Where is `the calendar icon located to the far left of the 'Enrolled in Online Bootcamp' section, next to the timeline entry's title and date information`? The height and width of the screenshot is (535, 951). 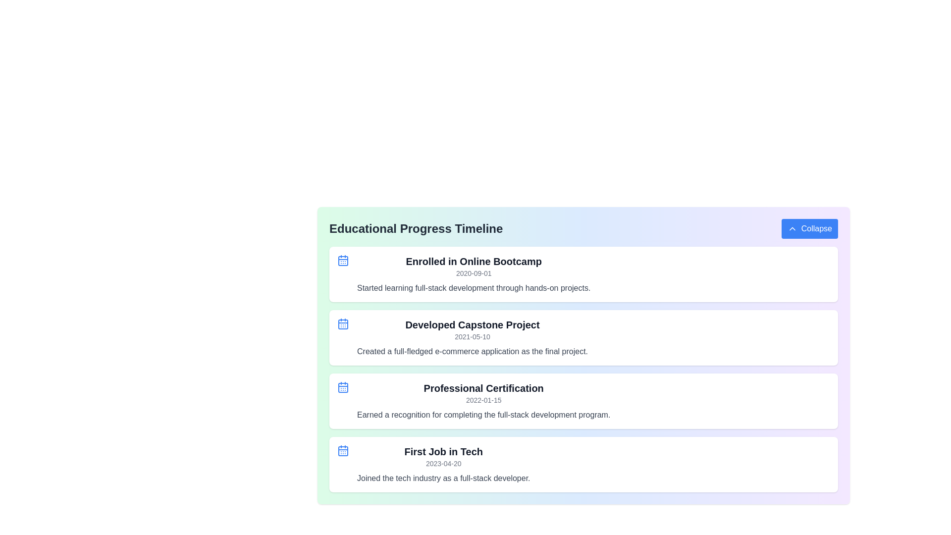 the calendar icon located to the far left of the 'Enrolled in Online Bootcamp' section, next to the timeline entry's title and date information is located at coordinates (343, 260).